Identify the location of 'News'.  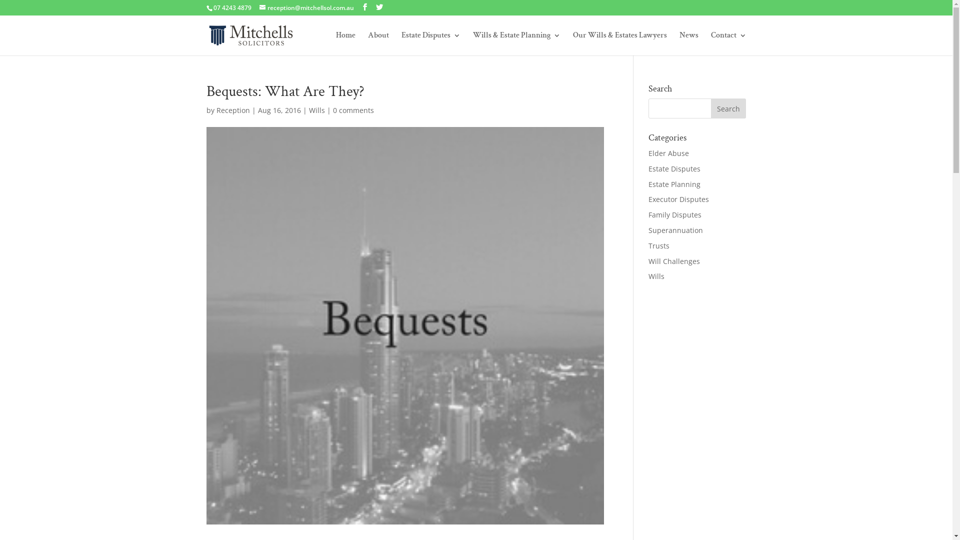
(688, 43).